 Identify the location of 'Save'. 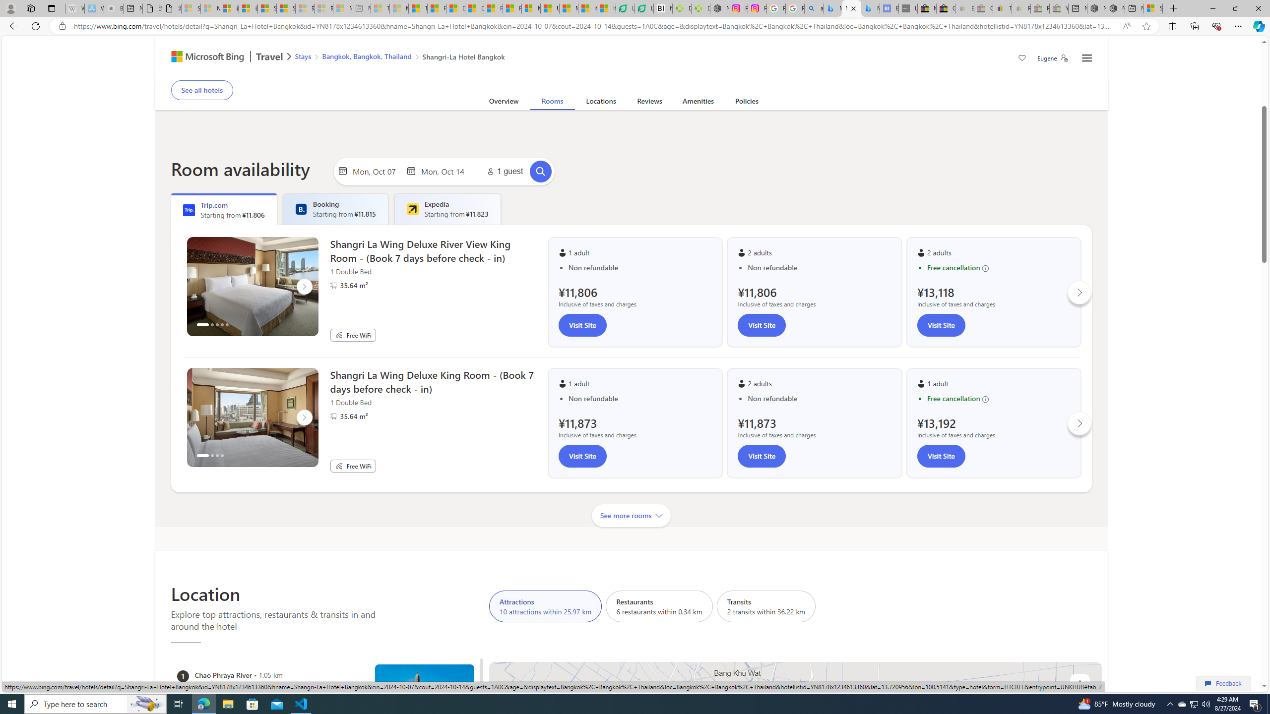
(1021, 59).